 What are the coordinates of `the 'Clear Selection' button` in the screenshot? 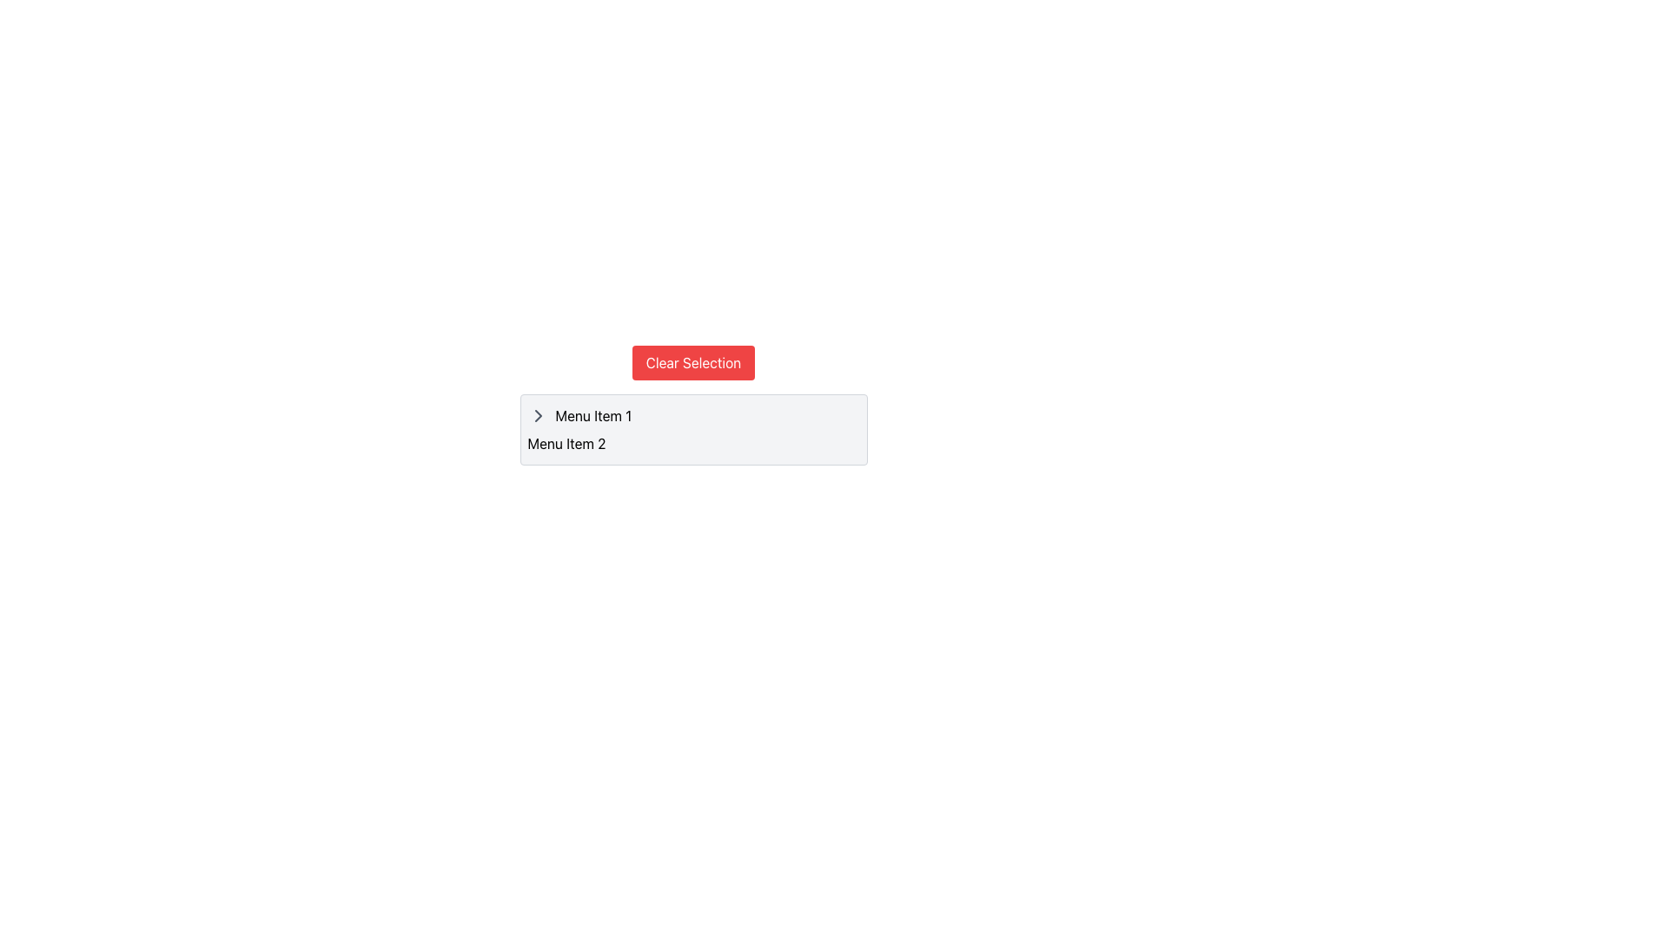 It's located at (692, 361).